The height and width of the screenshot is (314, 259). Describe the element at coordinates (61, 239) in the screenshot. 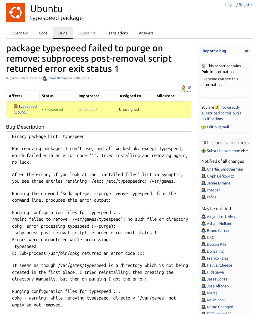

I see `'Errors were encountered while processing:'` at that location.